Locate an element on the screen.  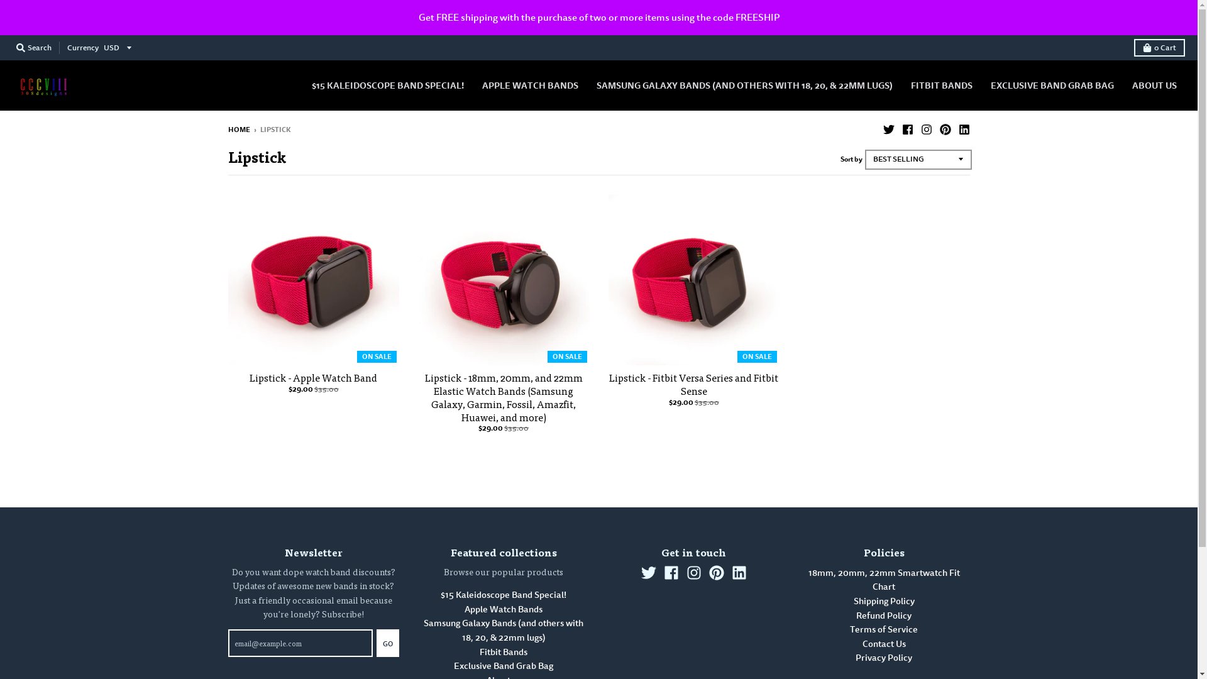
'Instagram - 308designs - CCCVIII' is located at coordinates (693, 572).